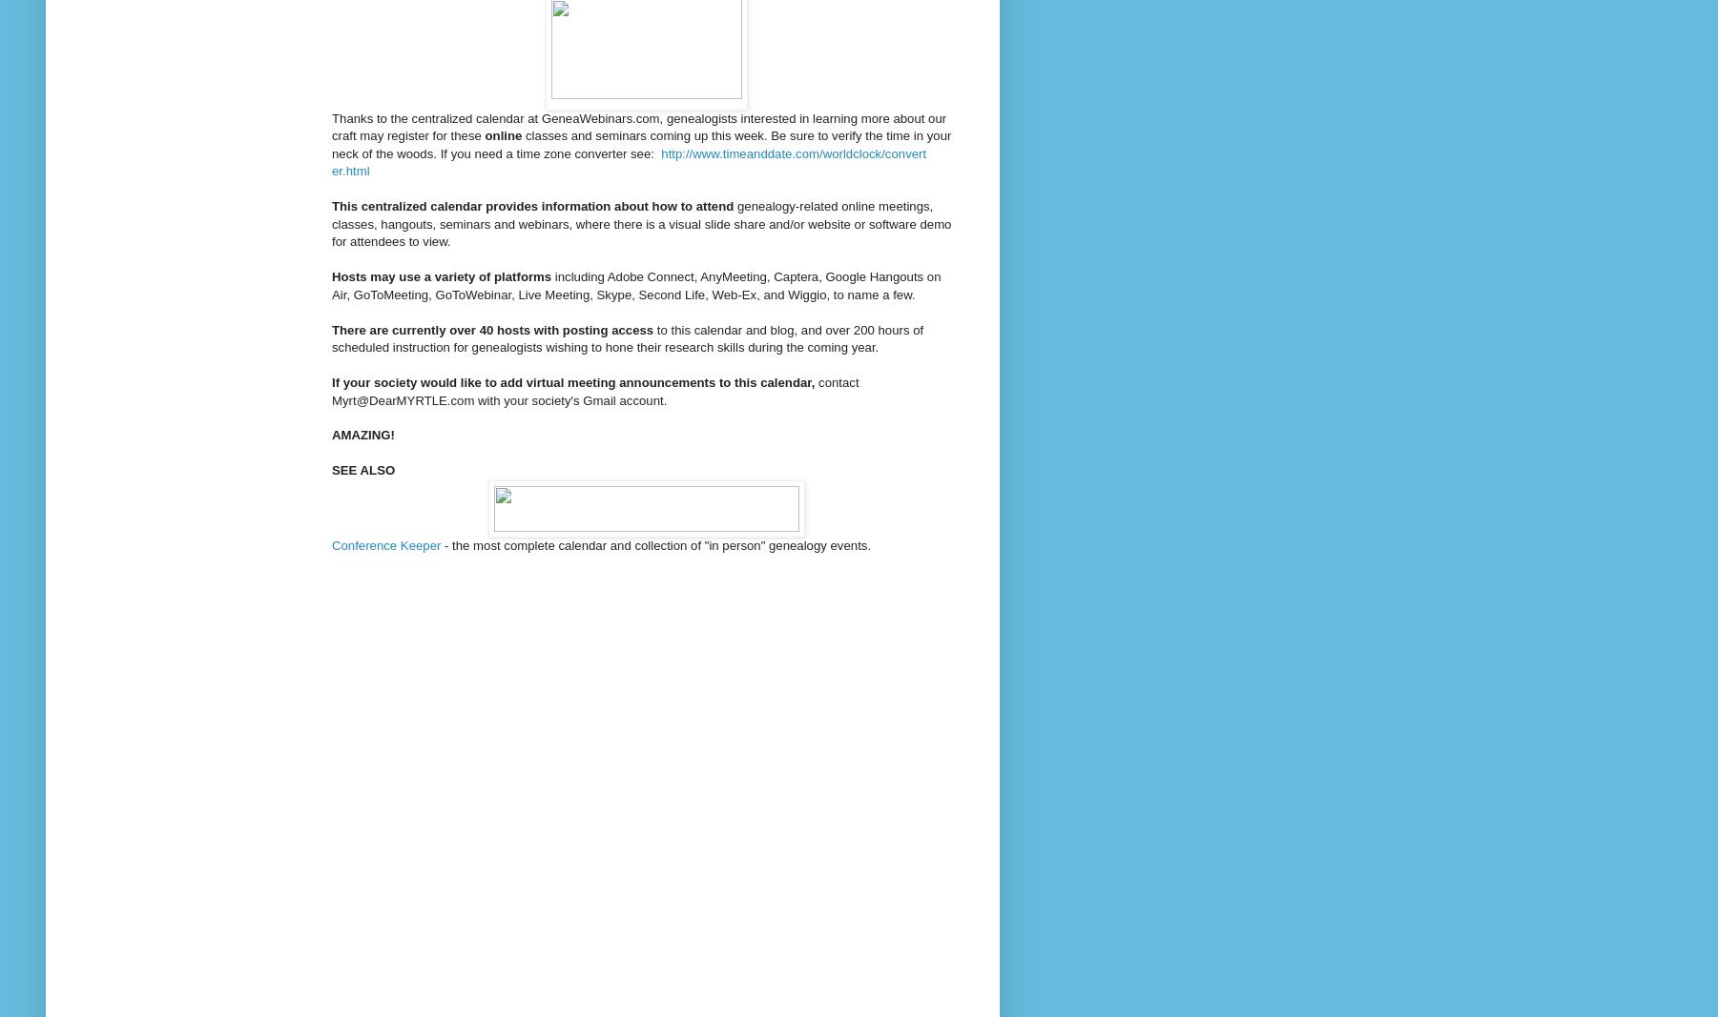 The image size is (1718, 1017). Describe the element at coordinates (883, 152) in the screenshot. I see `'ldclock/convert'` at that location.